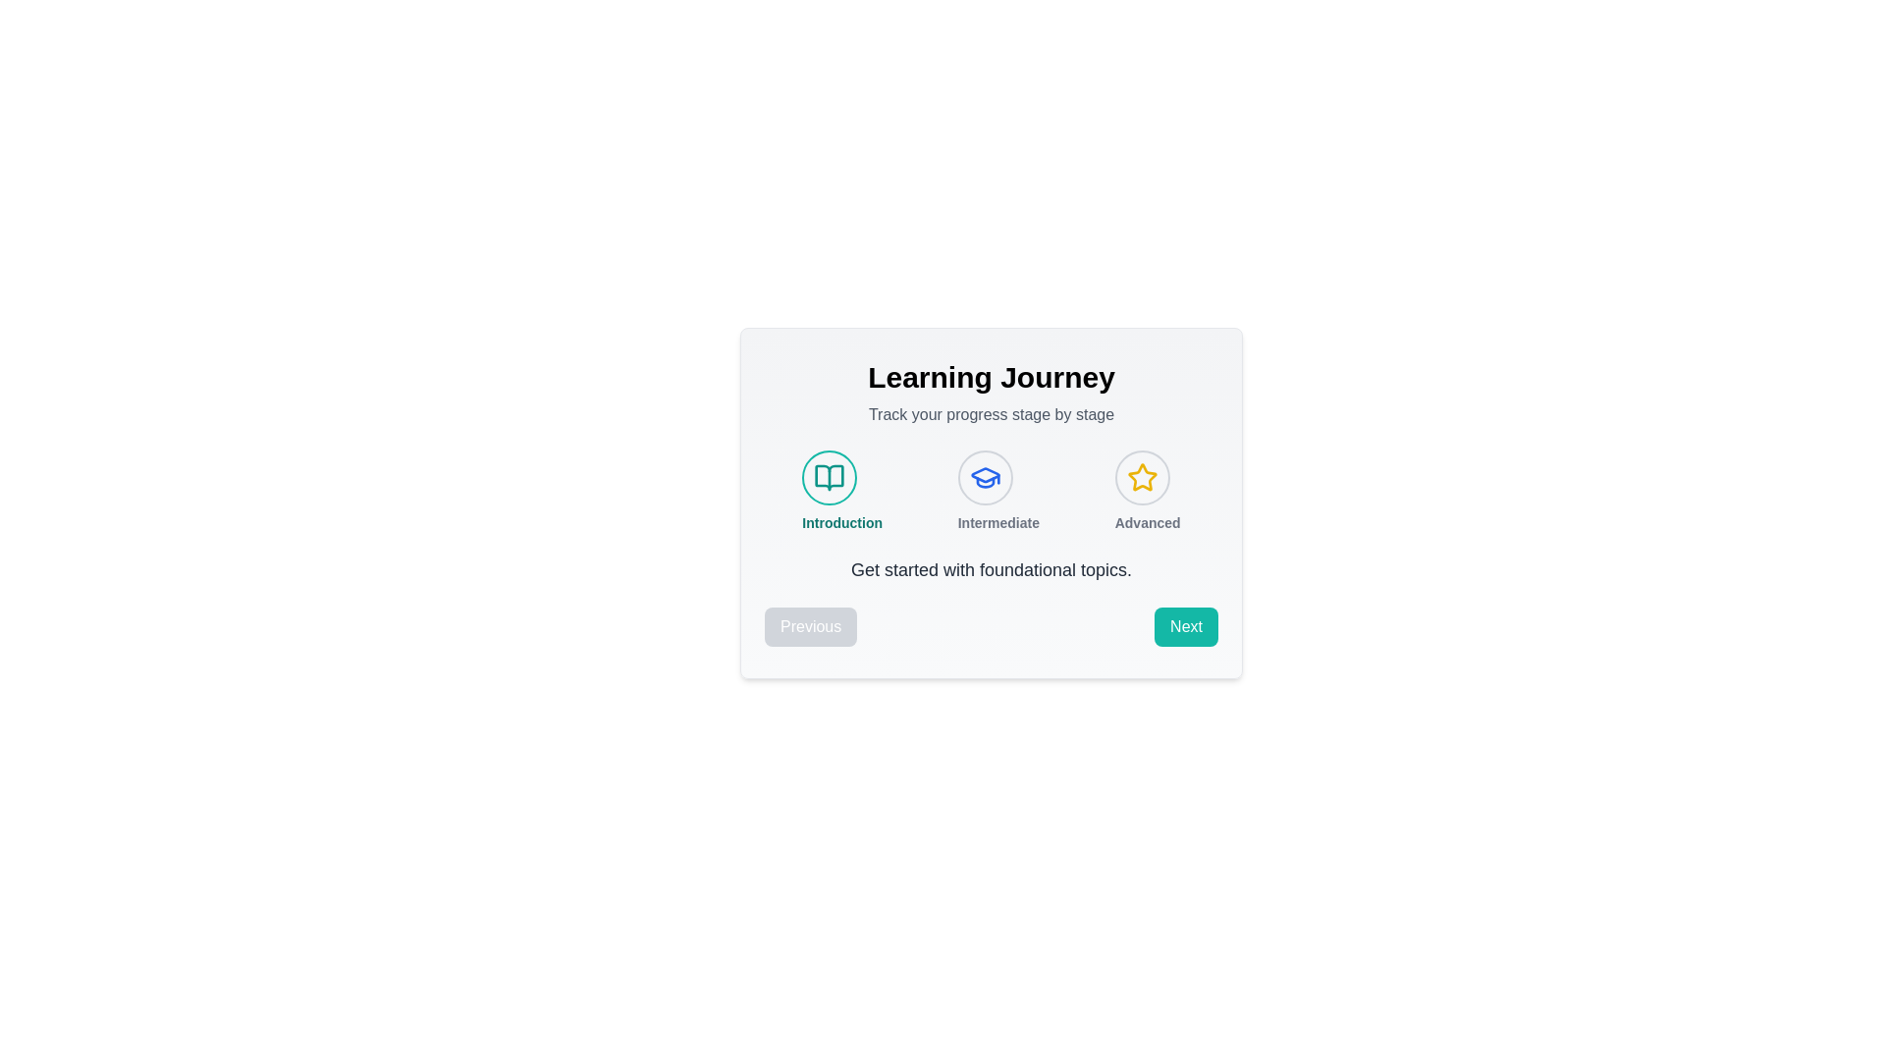 The image size is (1885, 1060). I want to click on the step Introduction in the LearningProgressStepper, so click(830, 477).